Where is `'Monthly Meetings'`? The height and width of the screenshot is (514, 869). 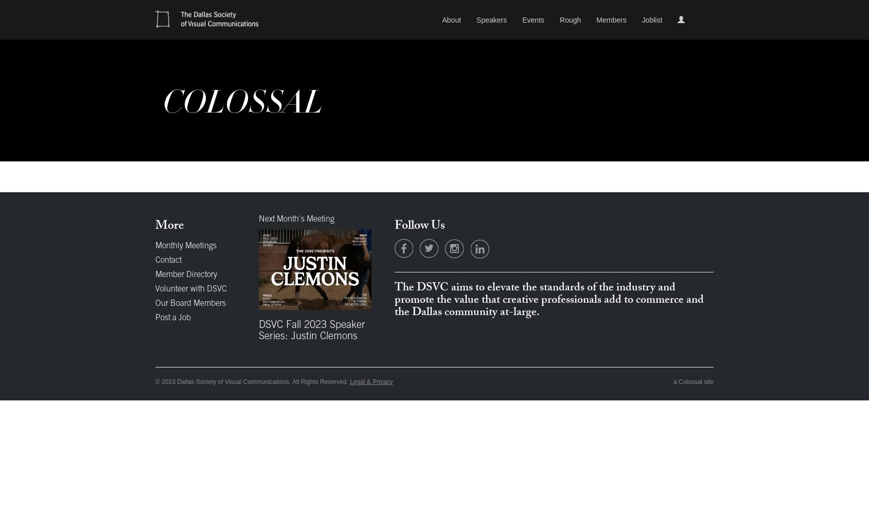
'Monthly Meetings' is located at coordinates (186, 246).